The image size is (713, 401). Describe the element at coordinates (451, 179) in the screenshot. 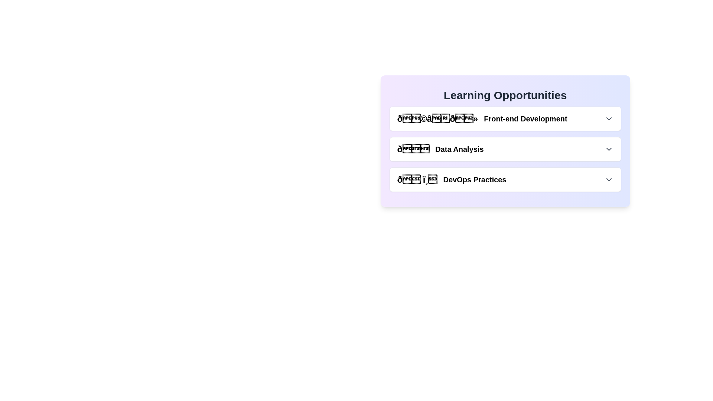

I see `the interactive header displaying 'DevOps Practices'` at that location.